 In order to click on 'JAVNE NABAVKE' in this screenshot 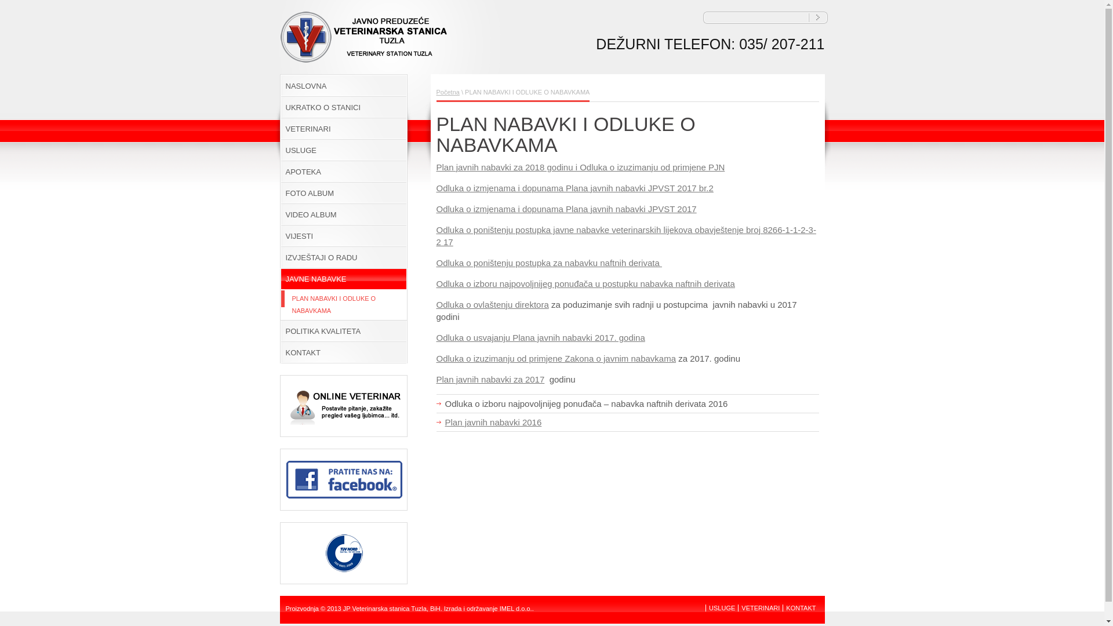, I will do `click(342, 279)`.